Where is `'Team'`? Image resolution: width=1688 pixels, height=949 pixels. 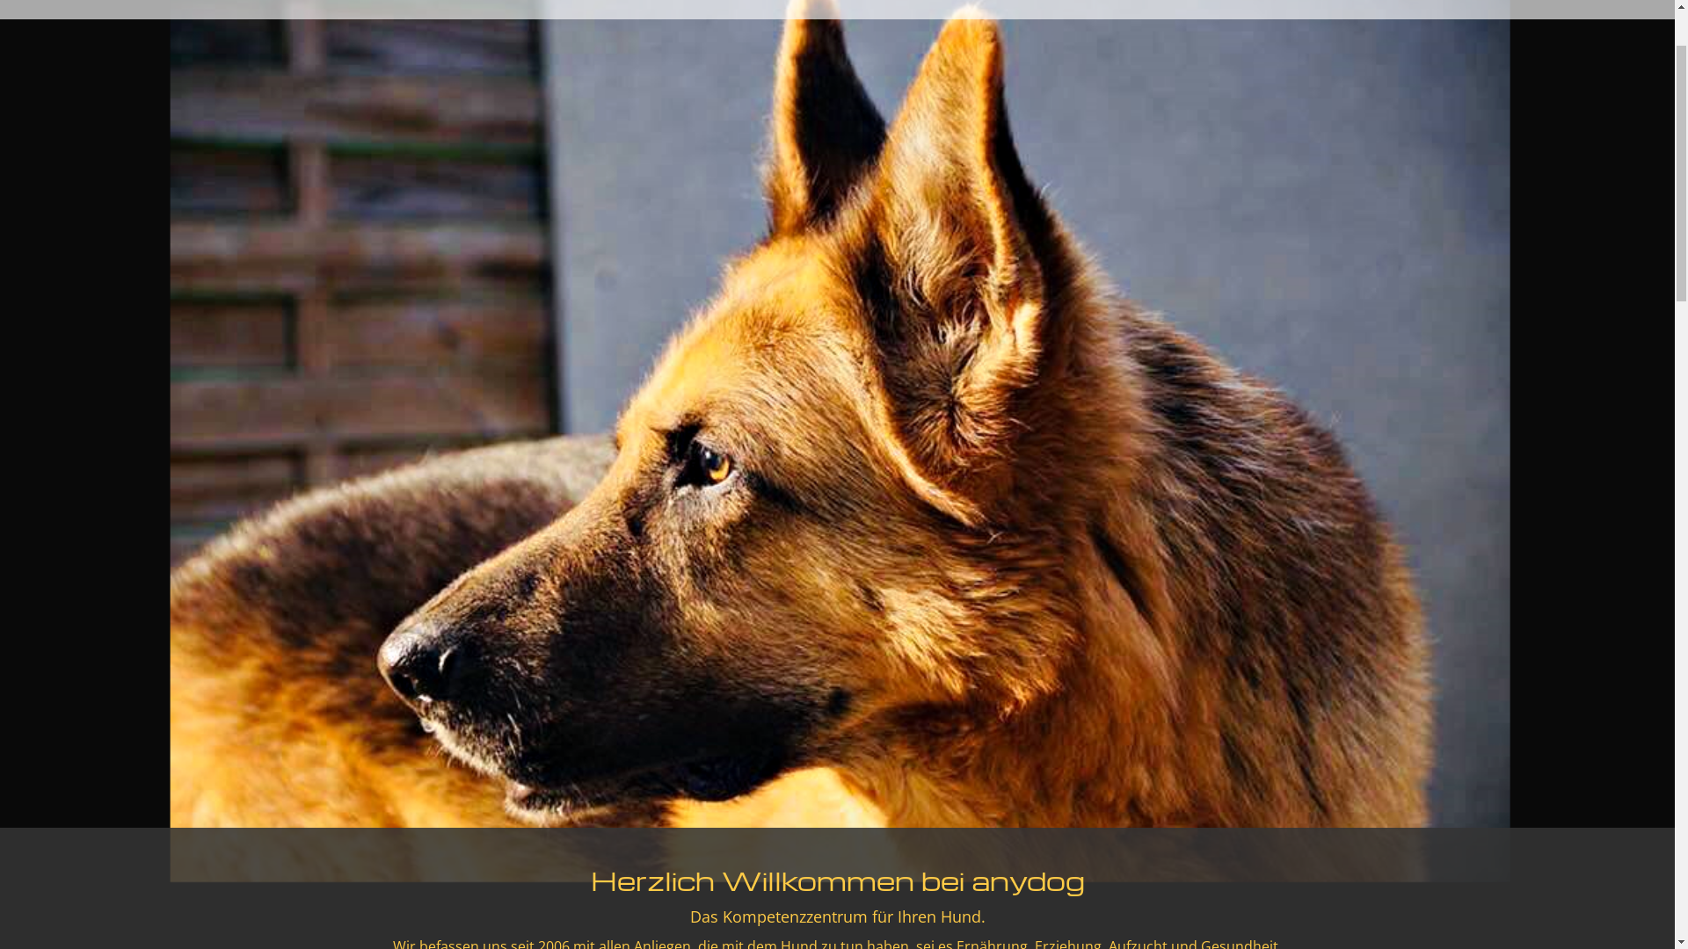 'Team' is located at coordinates (309, 37).